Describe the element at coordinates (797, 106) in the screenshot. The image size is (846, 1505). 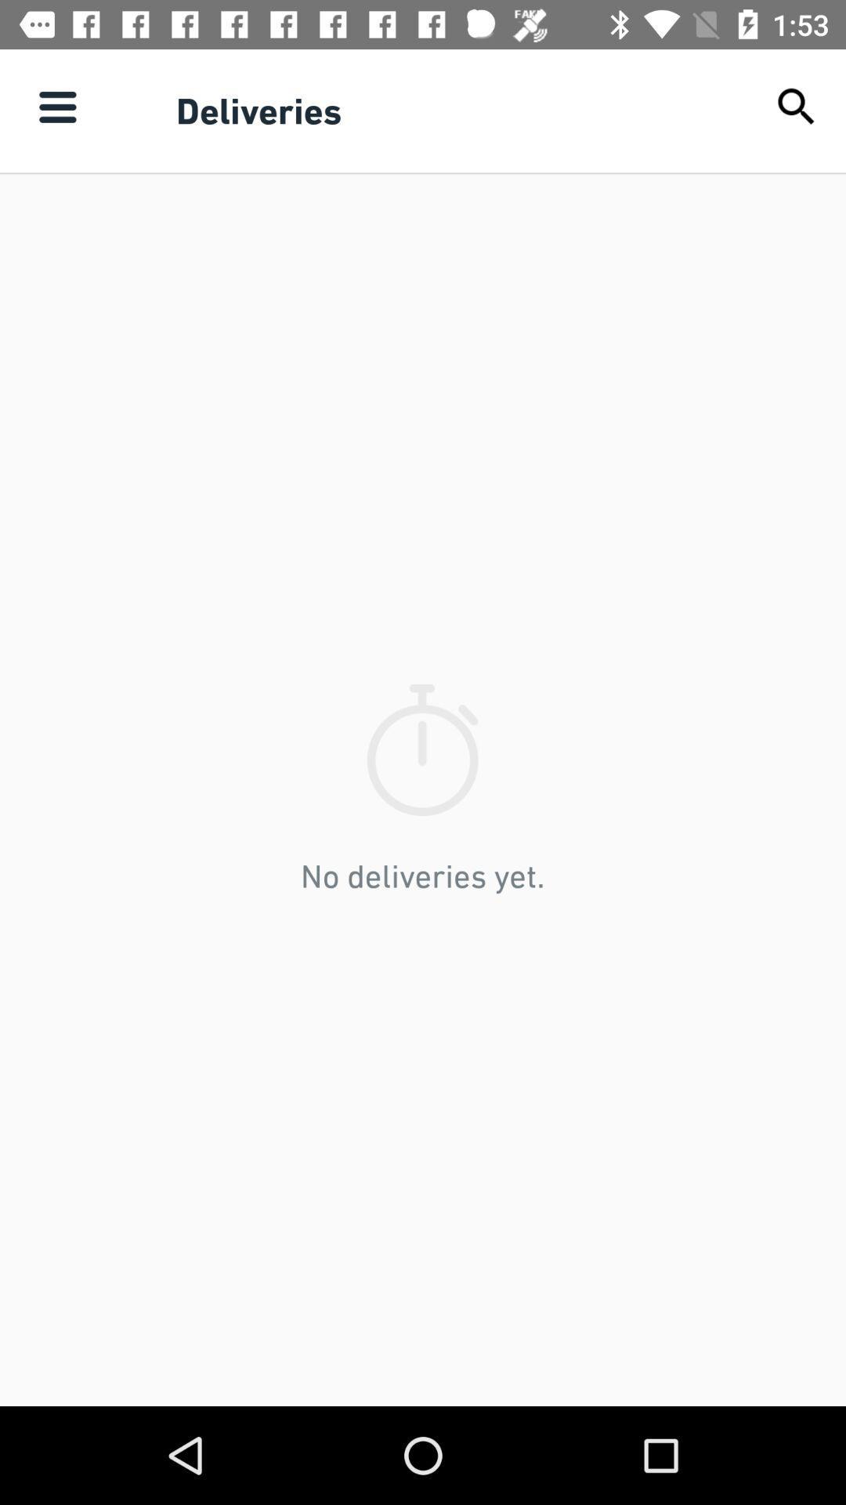
I see `the item at the top right corner` at that location.